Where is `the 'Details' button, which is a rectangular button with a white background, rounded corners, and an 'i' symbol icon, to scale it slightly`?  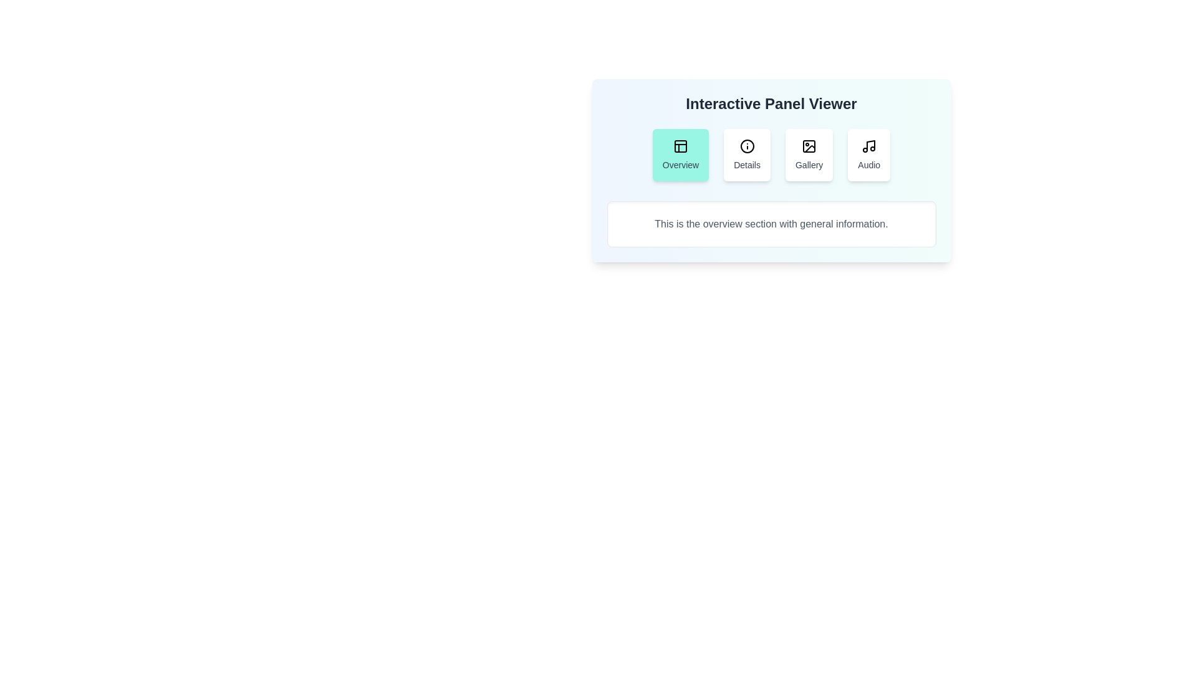 the 'Details' button, which is a rectangular button with a white background, rounded corners, and an 'i' symbol icon, to scale it slightly is located at coordinates (747, 155).